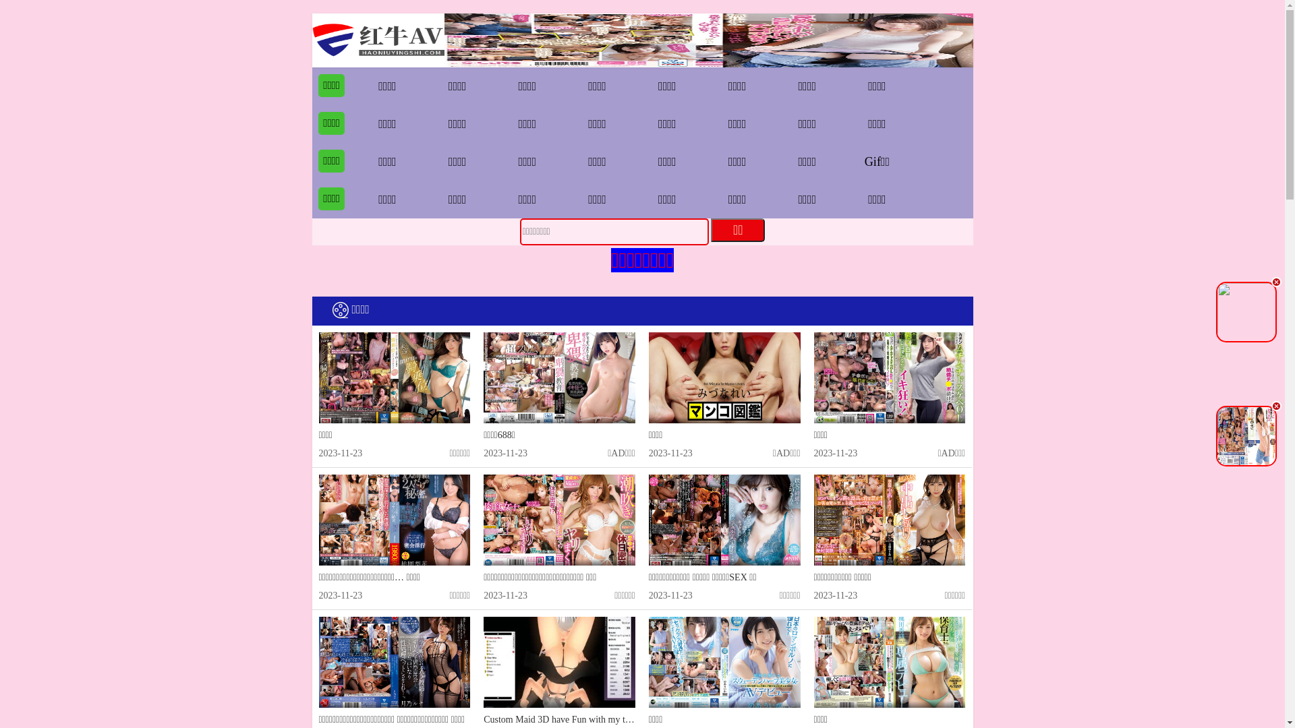 This screenshot has width=1295, height=728. Describe the element at coordinates (559, 661) in the screenshot. I see `'Custom Maid 3D  have Fun with my two Awesome Maid'` at that location.